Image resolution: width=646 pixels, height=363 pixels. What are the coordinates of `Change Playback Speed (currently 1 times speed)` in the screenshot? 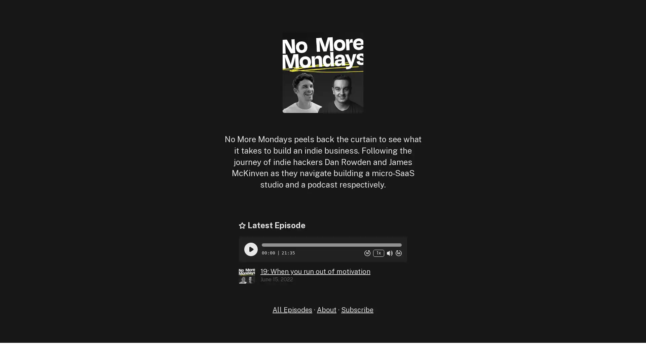 It's located at (378, 253).